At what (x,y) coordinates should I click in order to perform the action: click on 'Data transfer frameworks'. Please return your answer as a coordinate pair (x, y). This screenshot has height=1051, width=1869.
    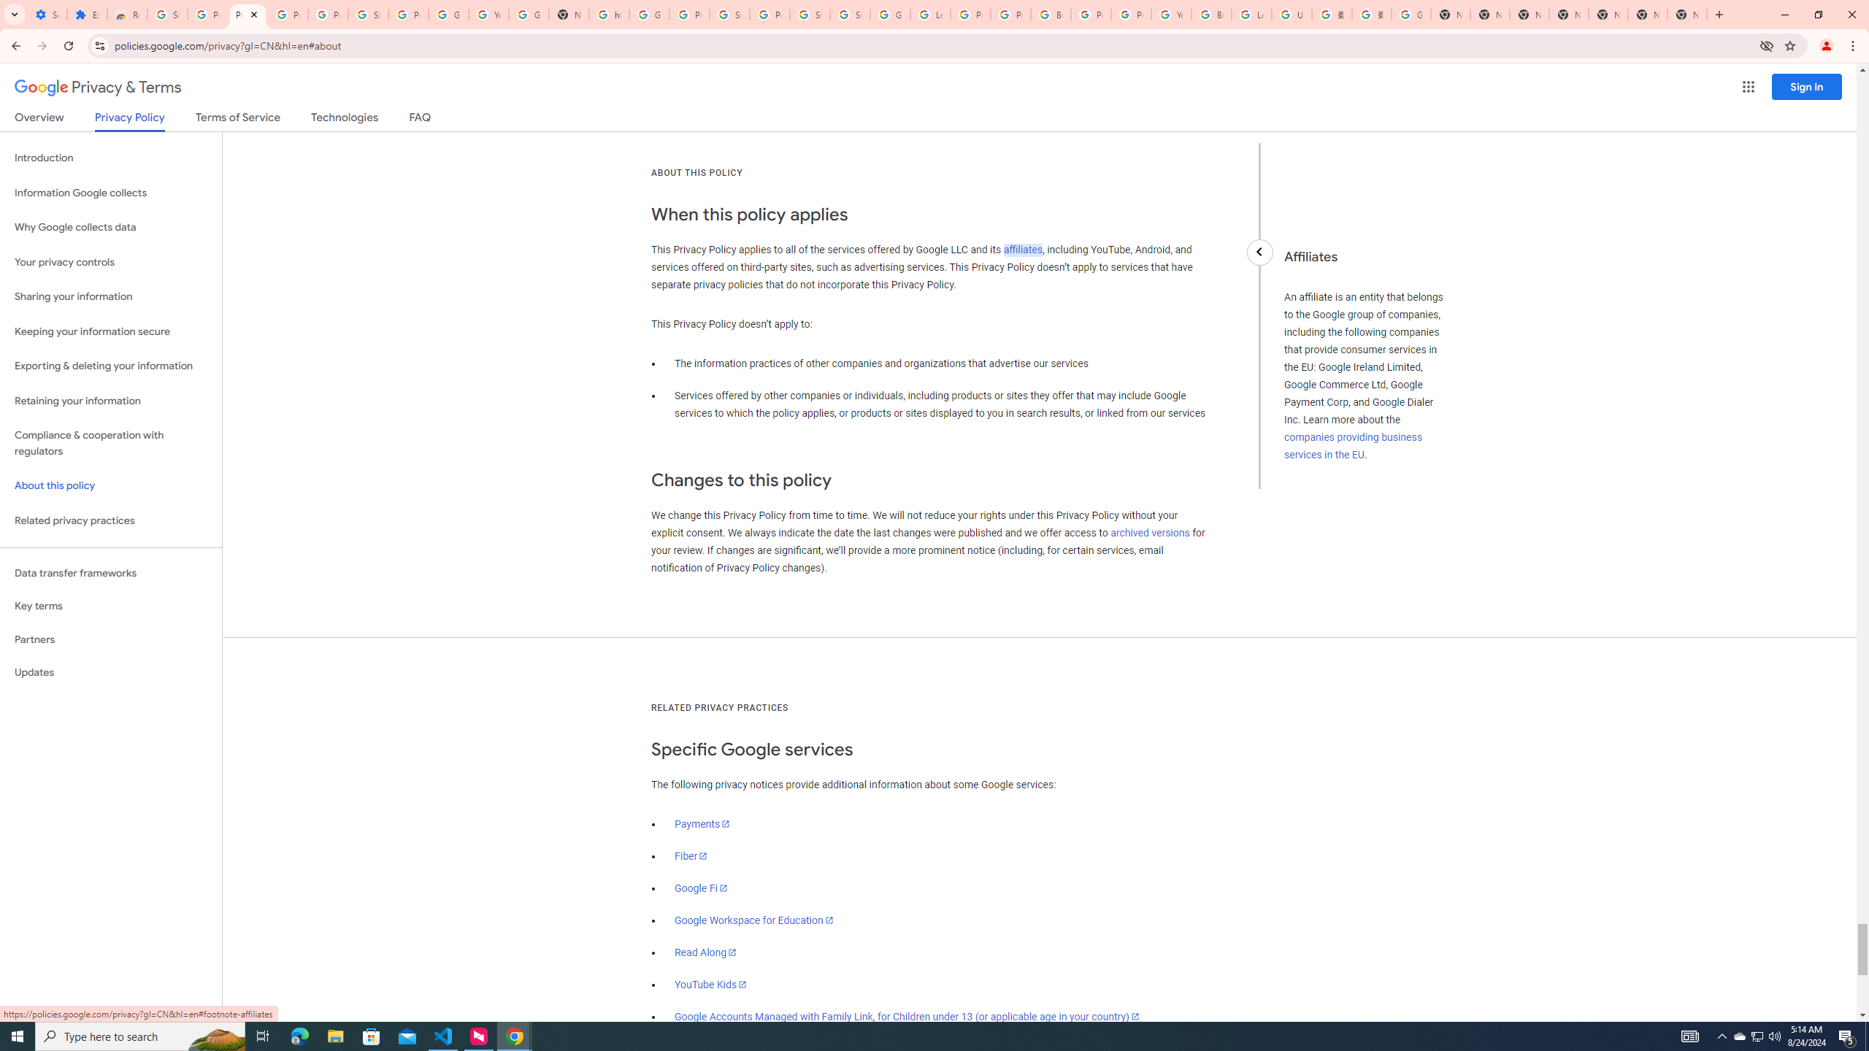
    Looking at the image, I should click on (110, 573).